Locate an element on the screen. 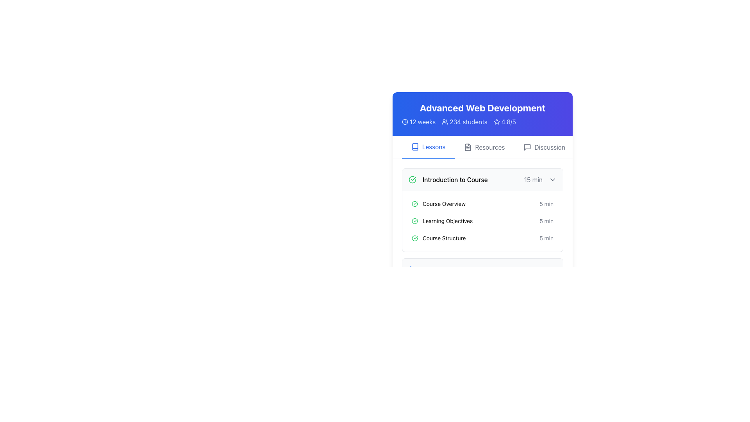 This screenshot has height=422, width=750. the text label displaying '15 min', which is styled in gray and positioned to the right of the bold title 'Introduction to Course' is located at coordinates (533, 179).